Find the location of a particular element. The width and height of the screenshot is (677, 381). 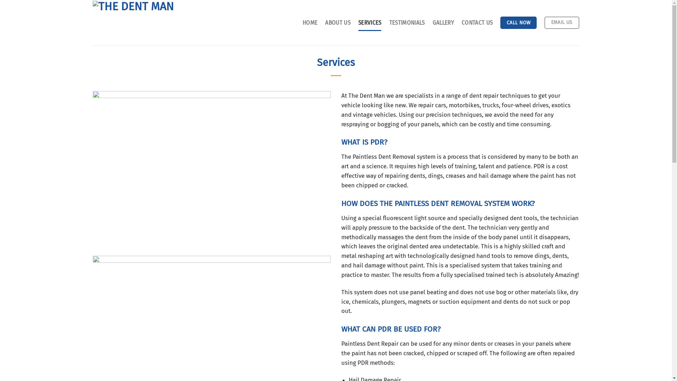

'TESTIMONIALS' is located at coordinates (407, 22).